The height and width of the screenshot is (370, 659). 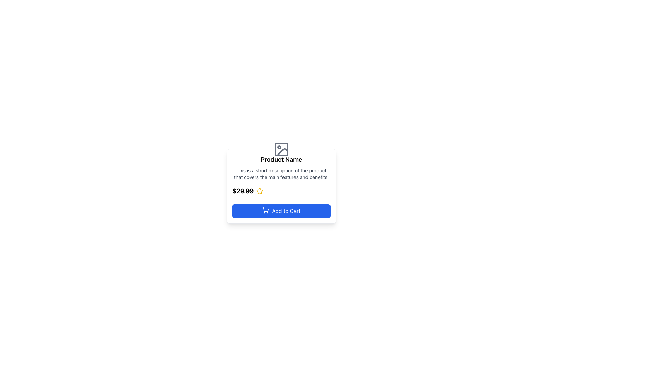 What do you see at coordinates (259, 191) in the screenshot?
I see `the yellow star icon with white fill, which is part of the user rating component located next to the price label in the product card interface` at bounding box center [259, 191].